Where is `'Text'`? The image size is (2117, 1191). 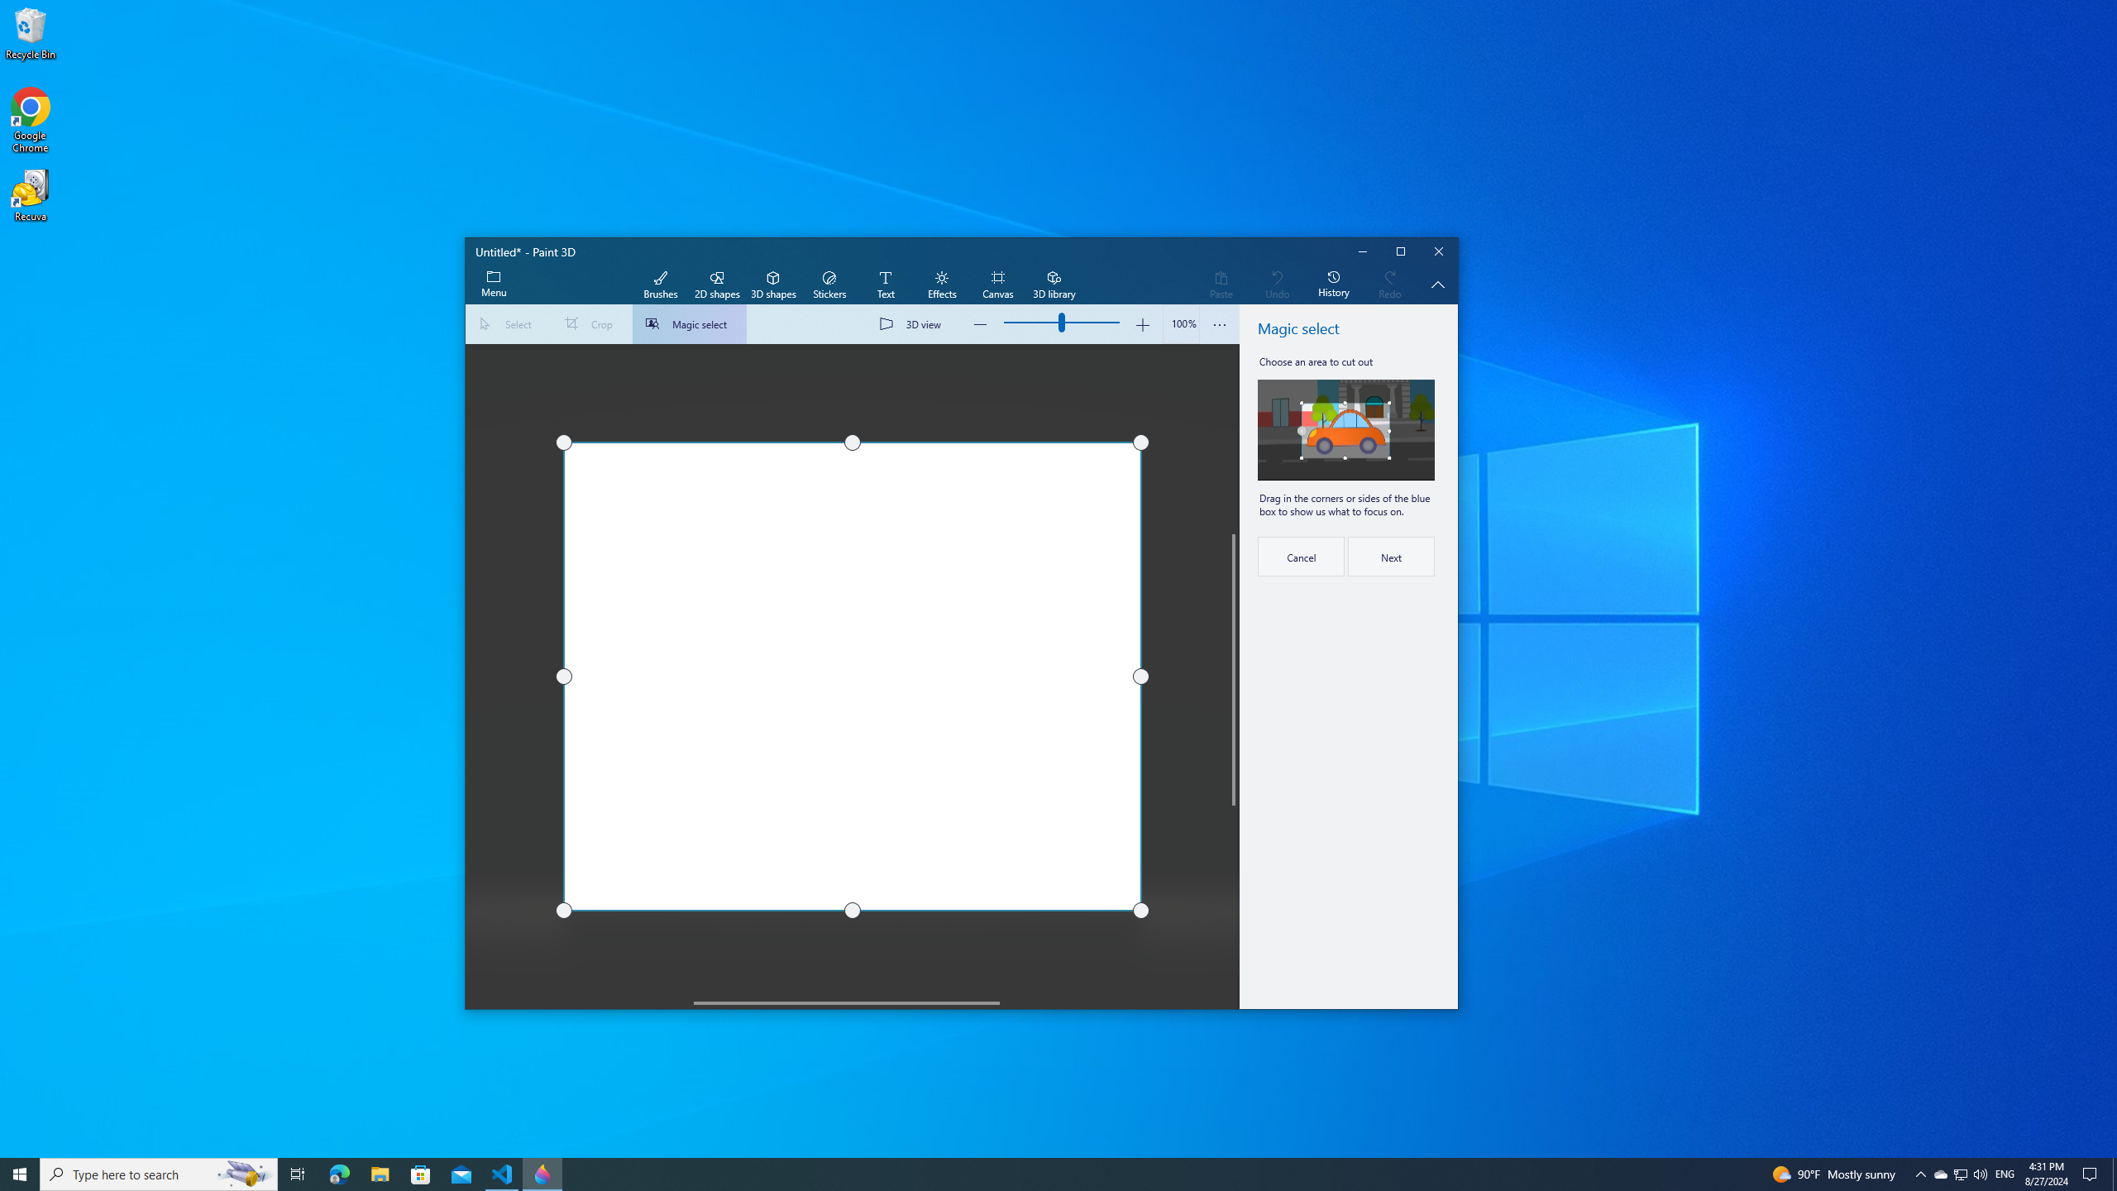
'Text' is located at coordinates (886, 285).